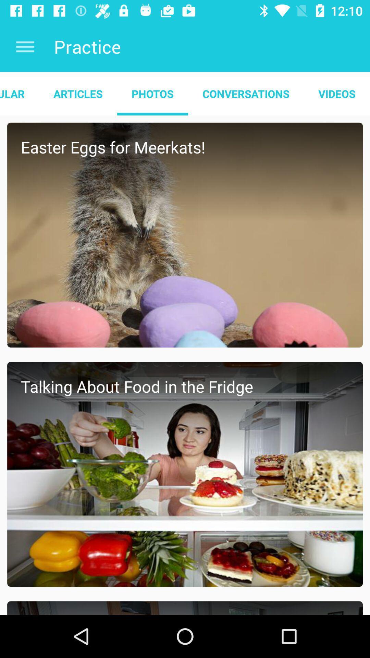  I want to click on item above the popular app, so click(25, 46).